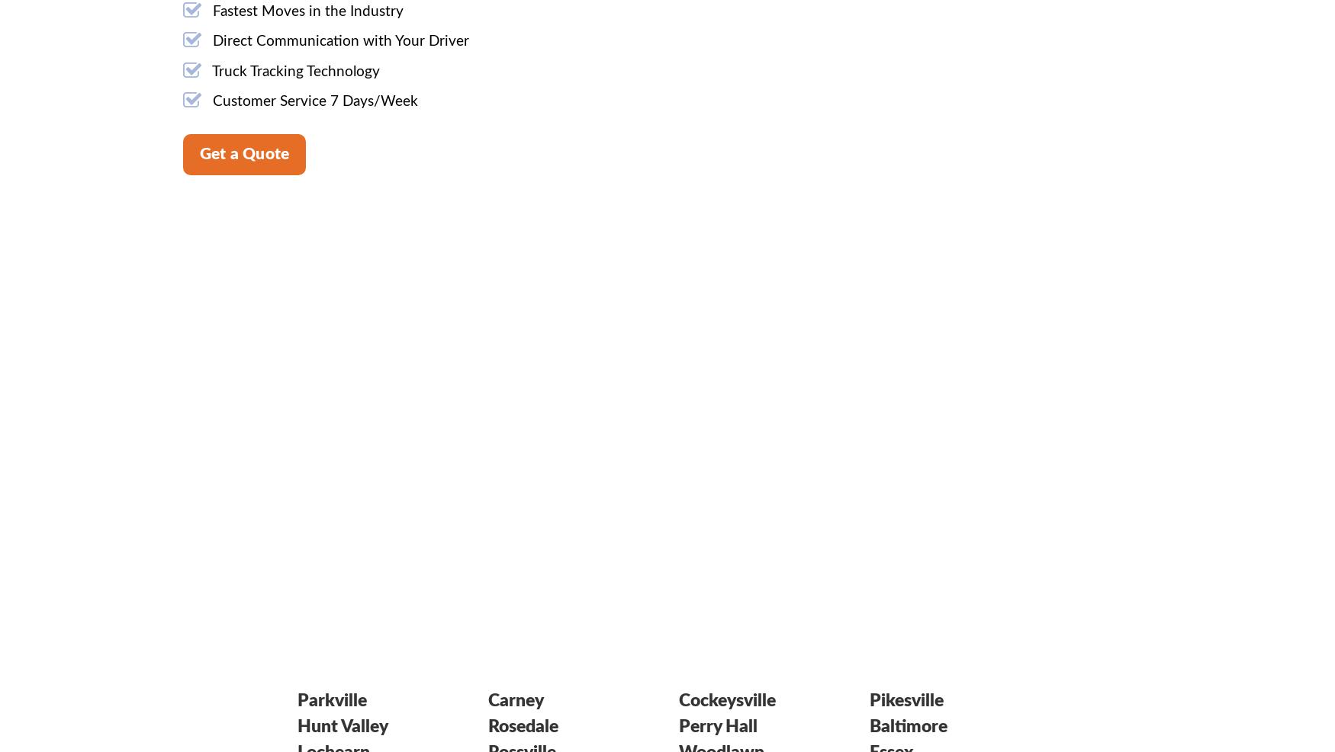 This screenshot has height=752, width=1335. What do you see at coordinates (297, 725) in the screenshot?
I see `'Hunt Valley'` at bounding box center [297, 725].